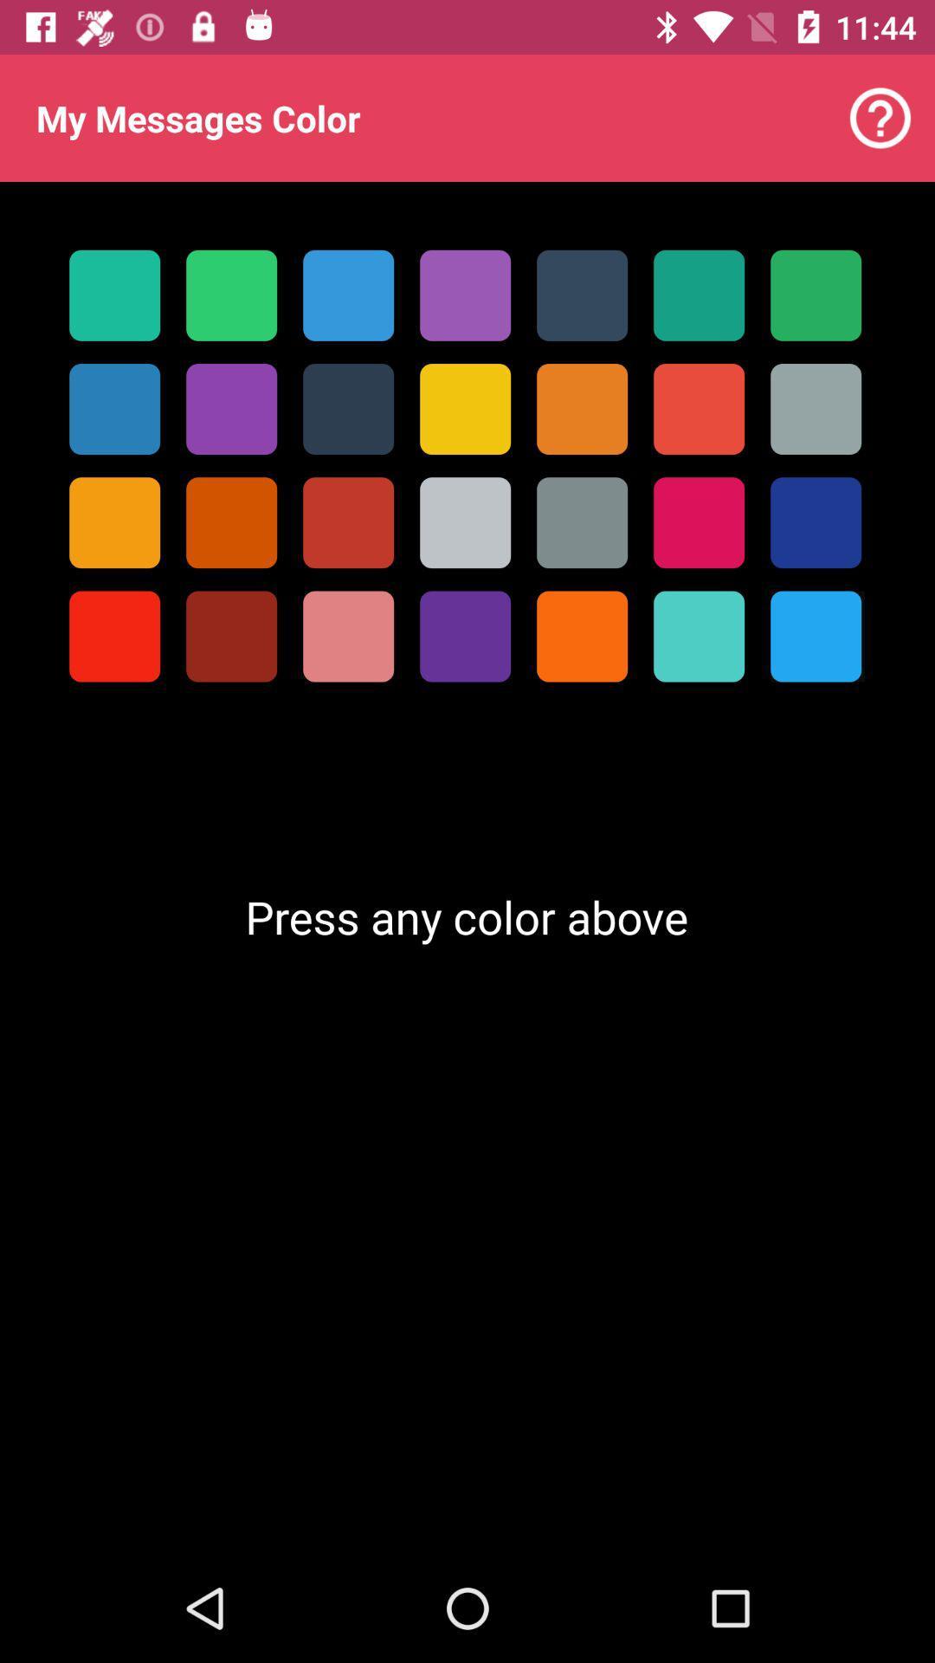 Image resolution: width=935 pixels, height=1663 pixels. I want to click on the fourth color in the second row, so click(464, 408).